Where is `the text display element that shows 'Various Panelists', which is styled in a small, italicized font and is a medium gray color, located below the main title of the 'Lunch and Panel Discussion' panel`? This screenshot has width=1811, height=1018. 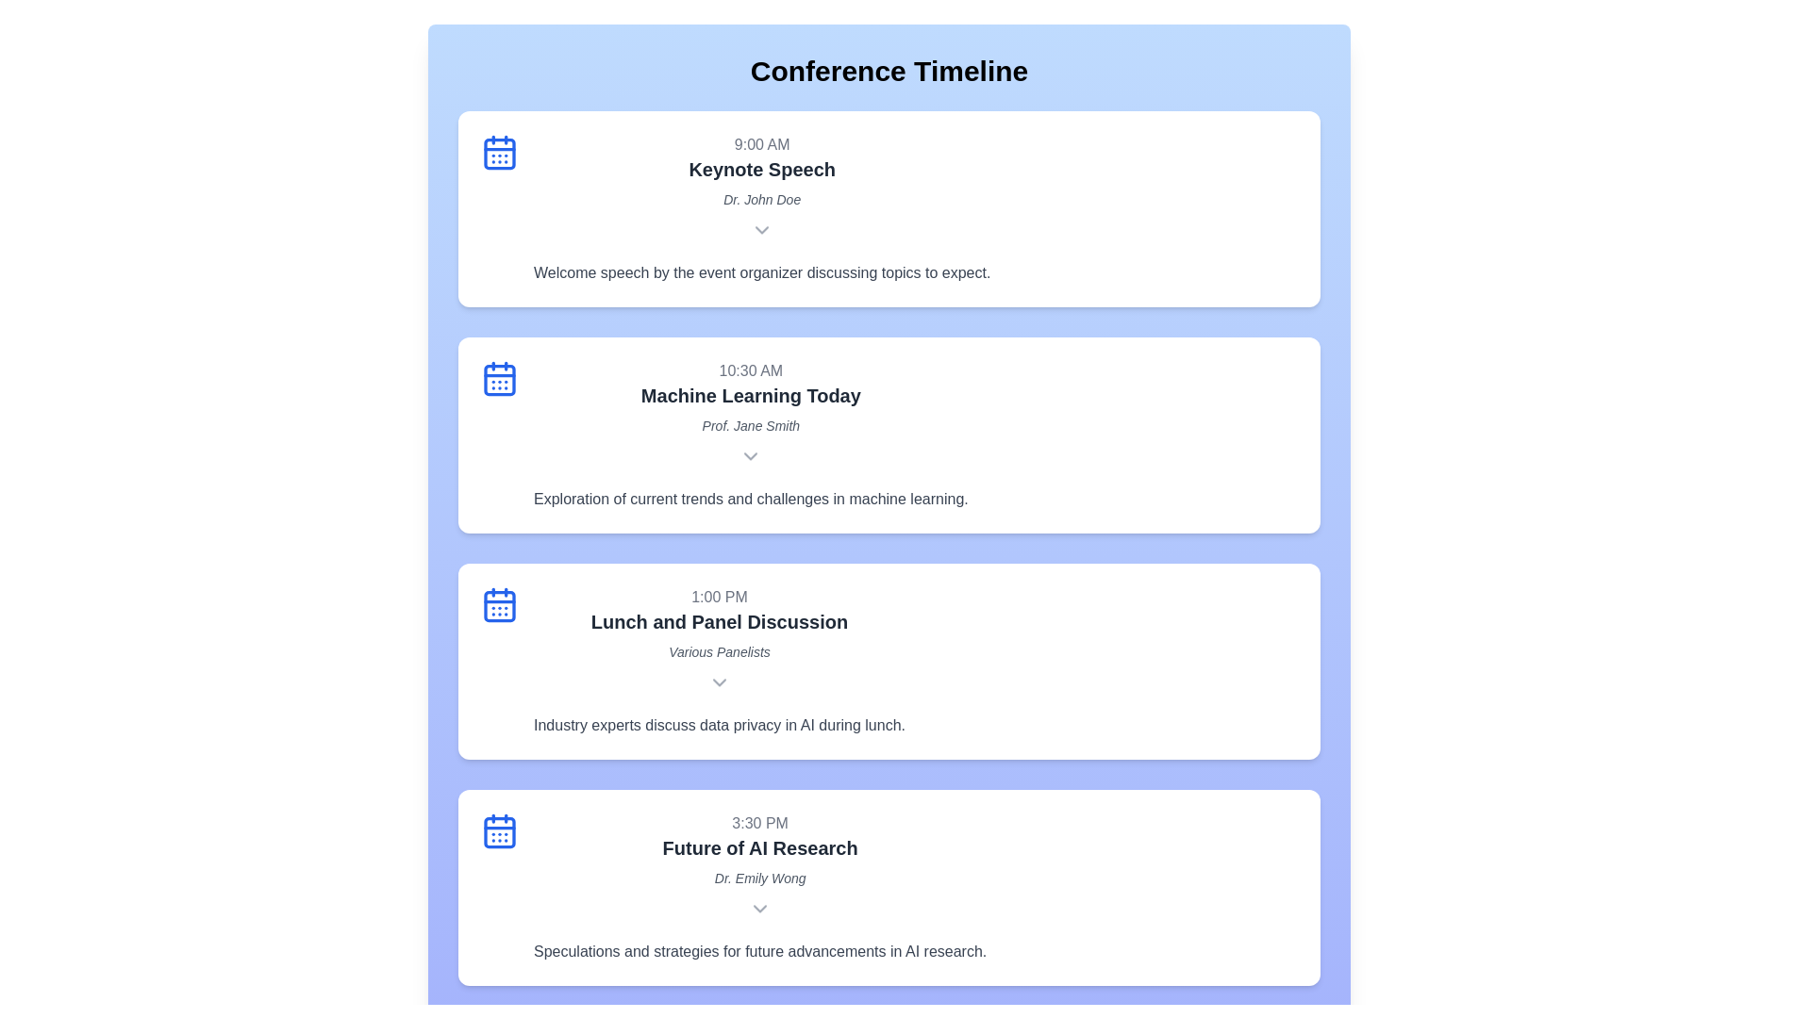
the text display element that shows 'Various Panelists', which is styled in a small, italicized font and is a medium gray color, located below the main title of the 'Lunch and Panel Discussion' panel is located at coordinates (719, 650).